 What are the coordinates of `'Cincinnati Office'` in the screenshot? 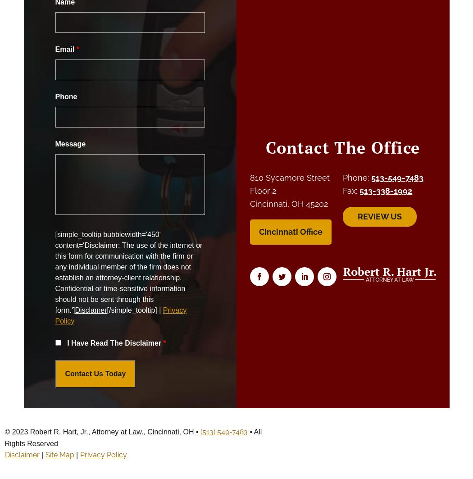 It's located at (290, 231).